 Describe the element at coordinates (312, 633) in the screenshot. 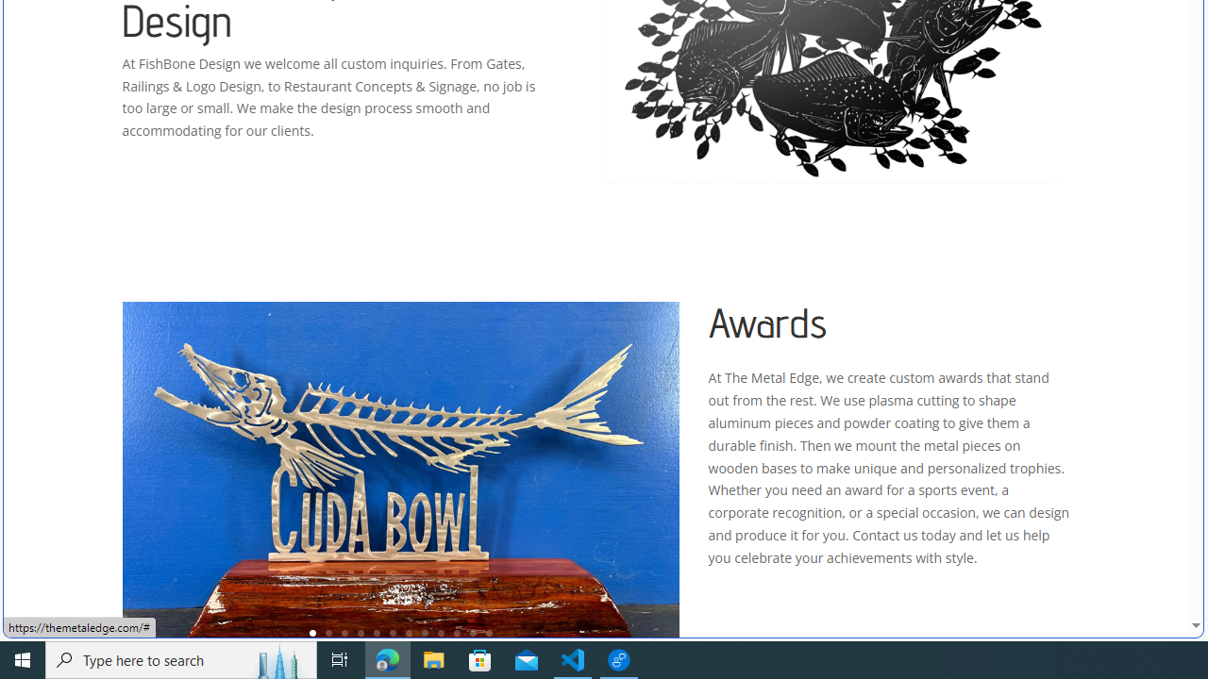

I see `'1'` at that location.